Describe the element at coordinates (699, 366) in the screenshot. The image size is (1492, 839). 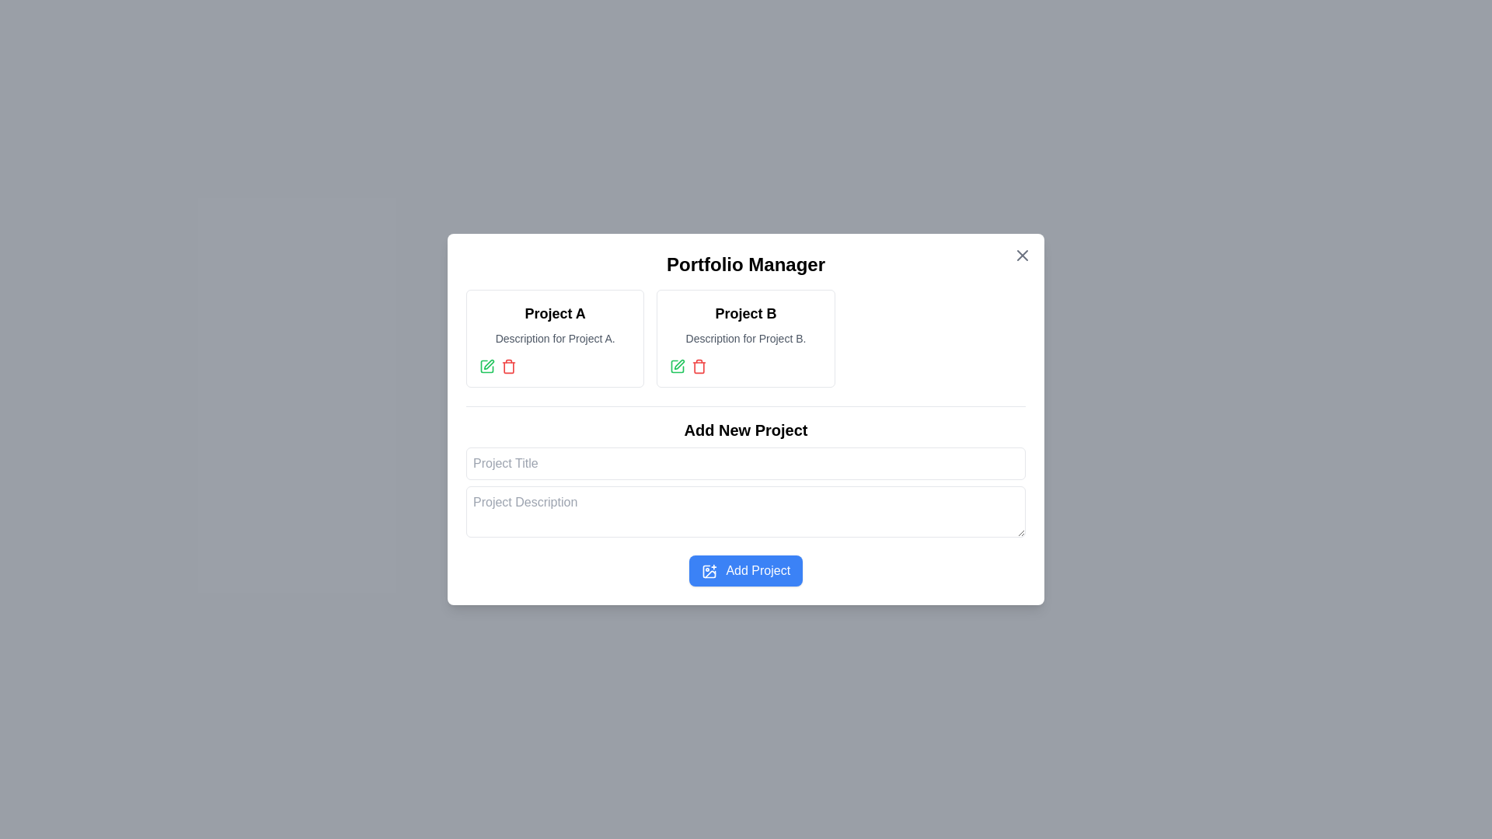
I see `the delete button located in the 'Project B' section of the Portfolio Manager` at that location.